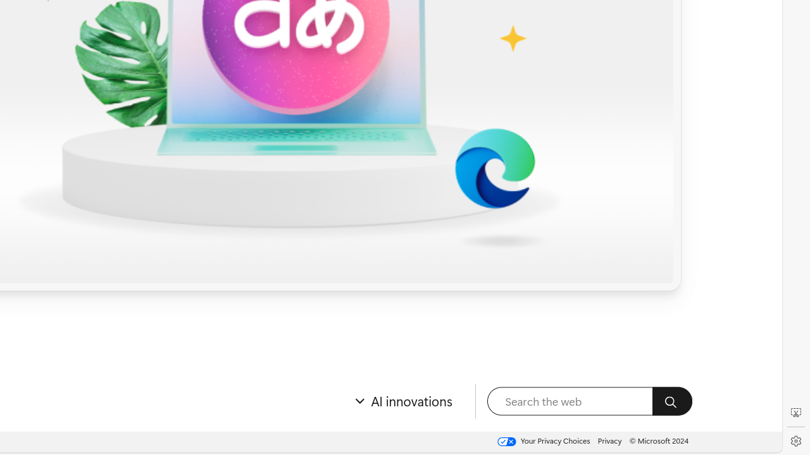 Image resolution: width=810 pixels, height=455 pixels. What do you see at coordinates (671, 401) in the screenshot?
I see `'Search'` at bounding box center [671, 401].